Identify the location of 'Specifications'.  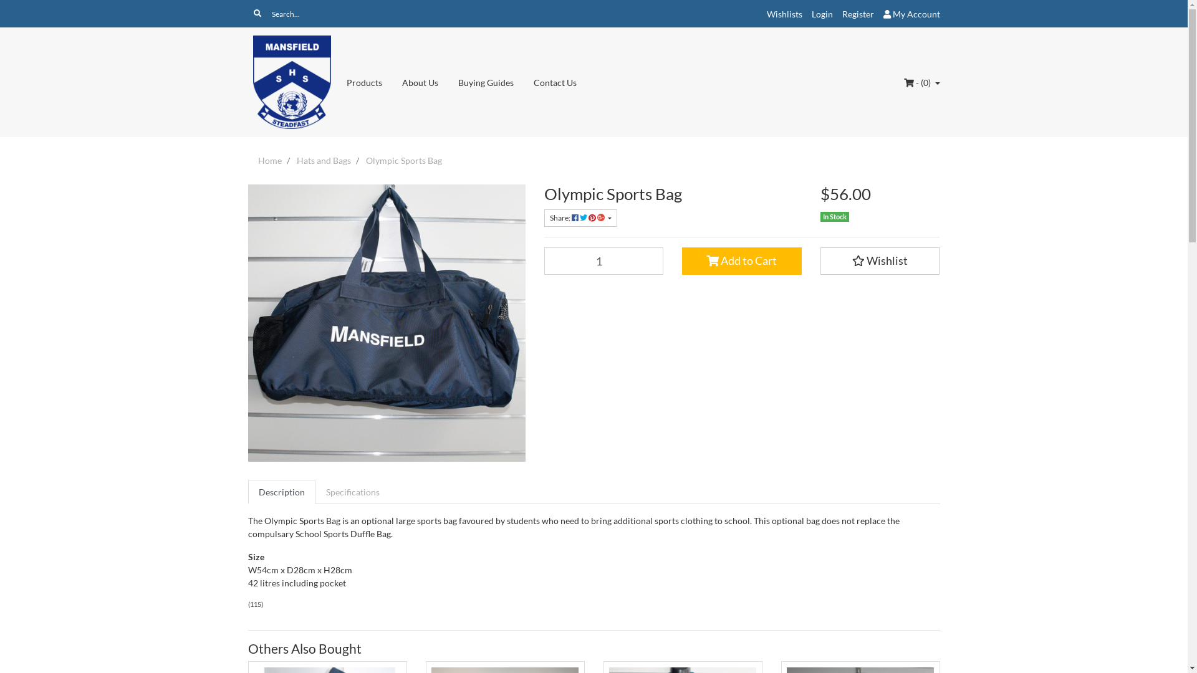
(315, 491).